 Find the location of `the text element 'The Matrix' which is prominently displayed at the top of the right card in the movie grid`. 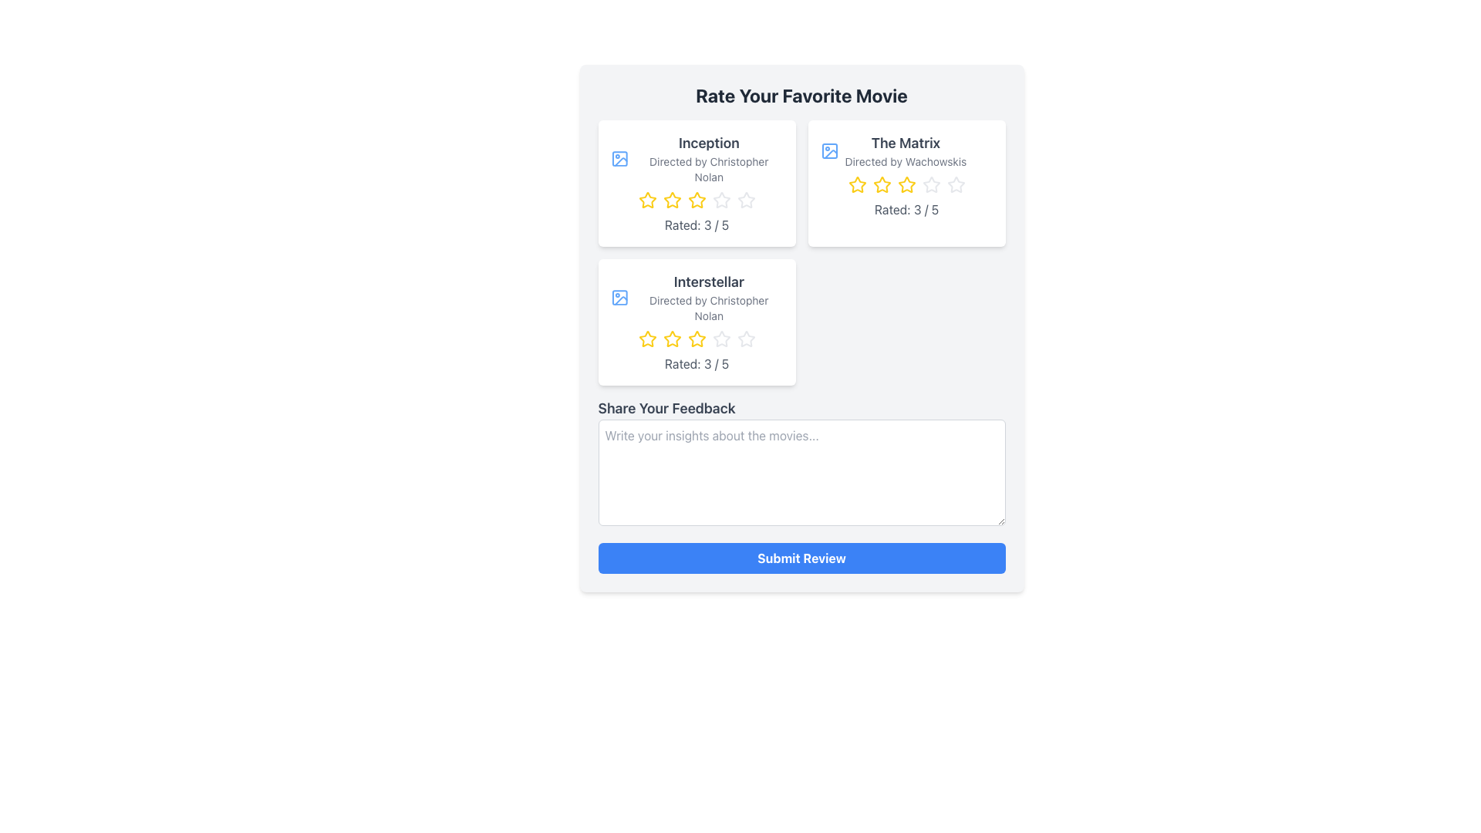

the text element 'The Matrix' which is prominently displayed at the top of the right card in the movie grid is located at coordinates (906, 143).